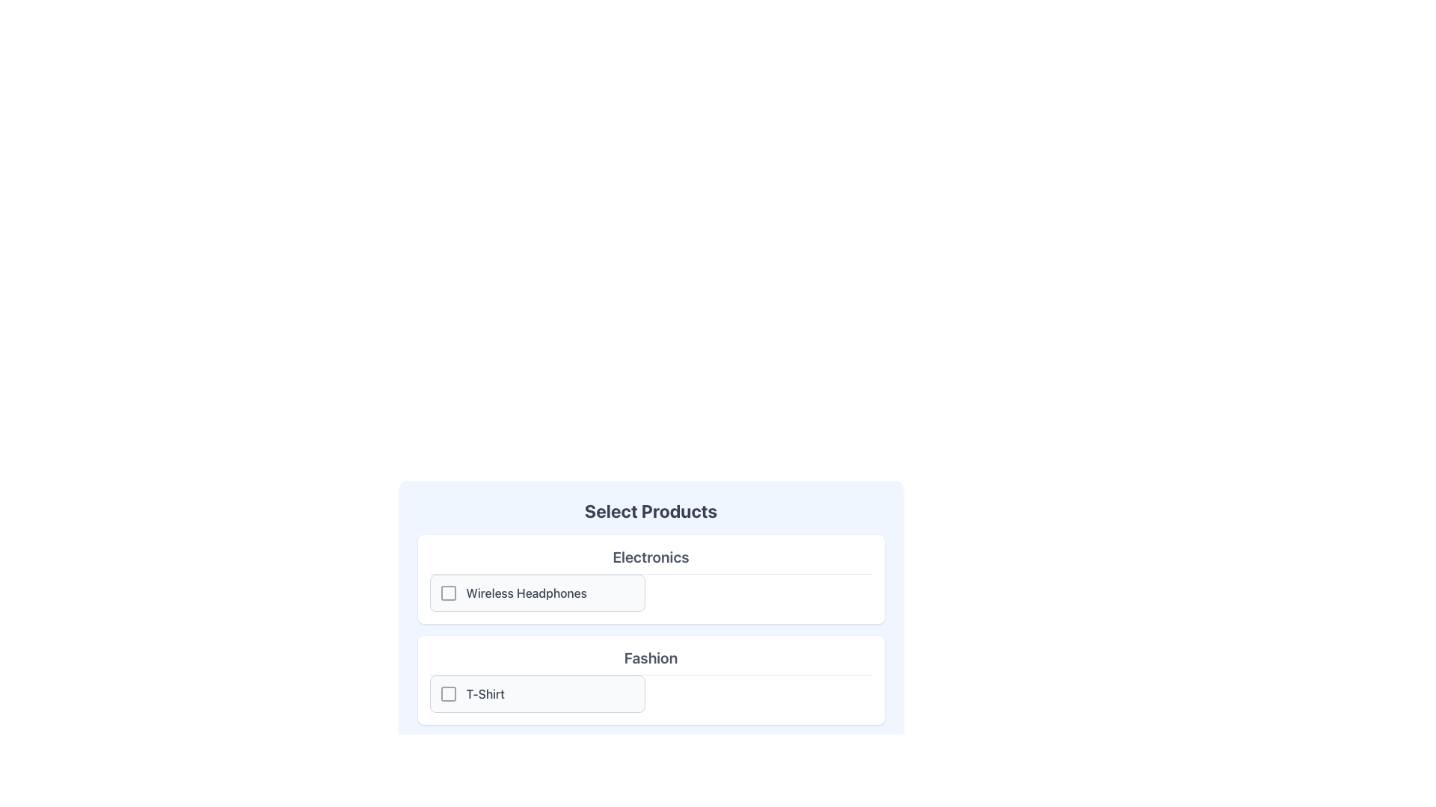 This screenshot has width=1436, height=807. Describe the element at coordinates (537, 694) in the screenshot. I see `the checkbox for the 'T-Shirt' category located in the bottom section of the 'Select Products' panel under 'Fashion'` at that location.